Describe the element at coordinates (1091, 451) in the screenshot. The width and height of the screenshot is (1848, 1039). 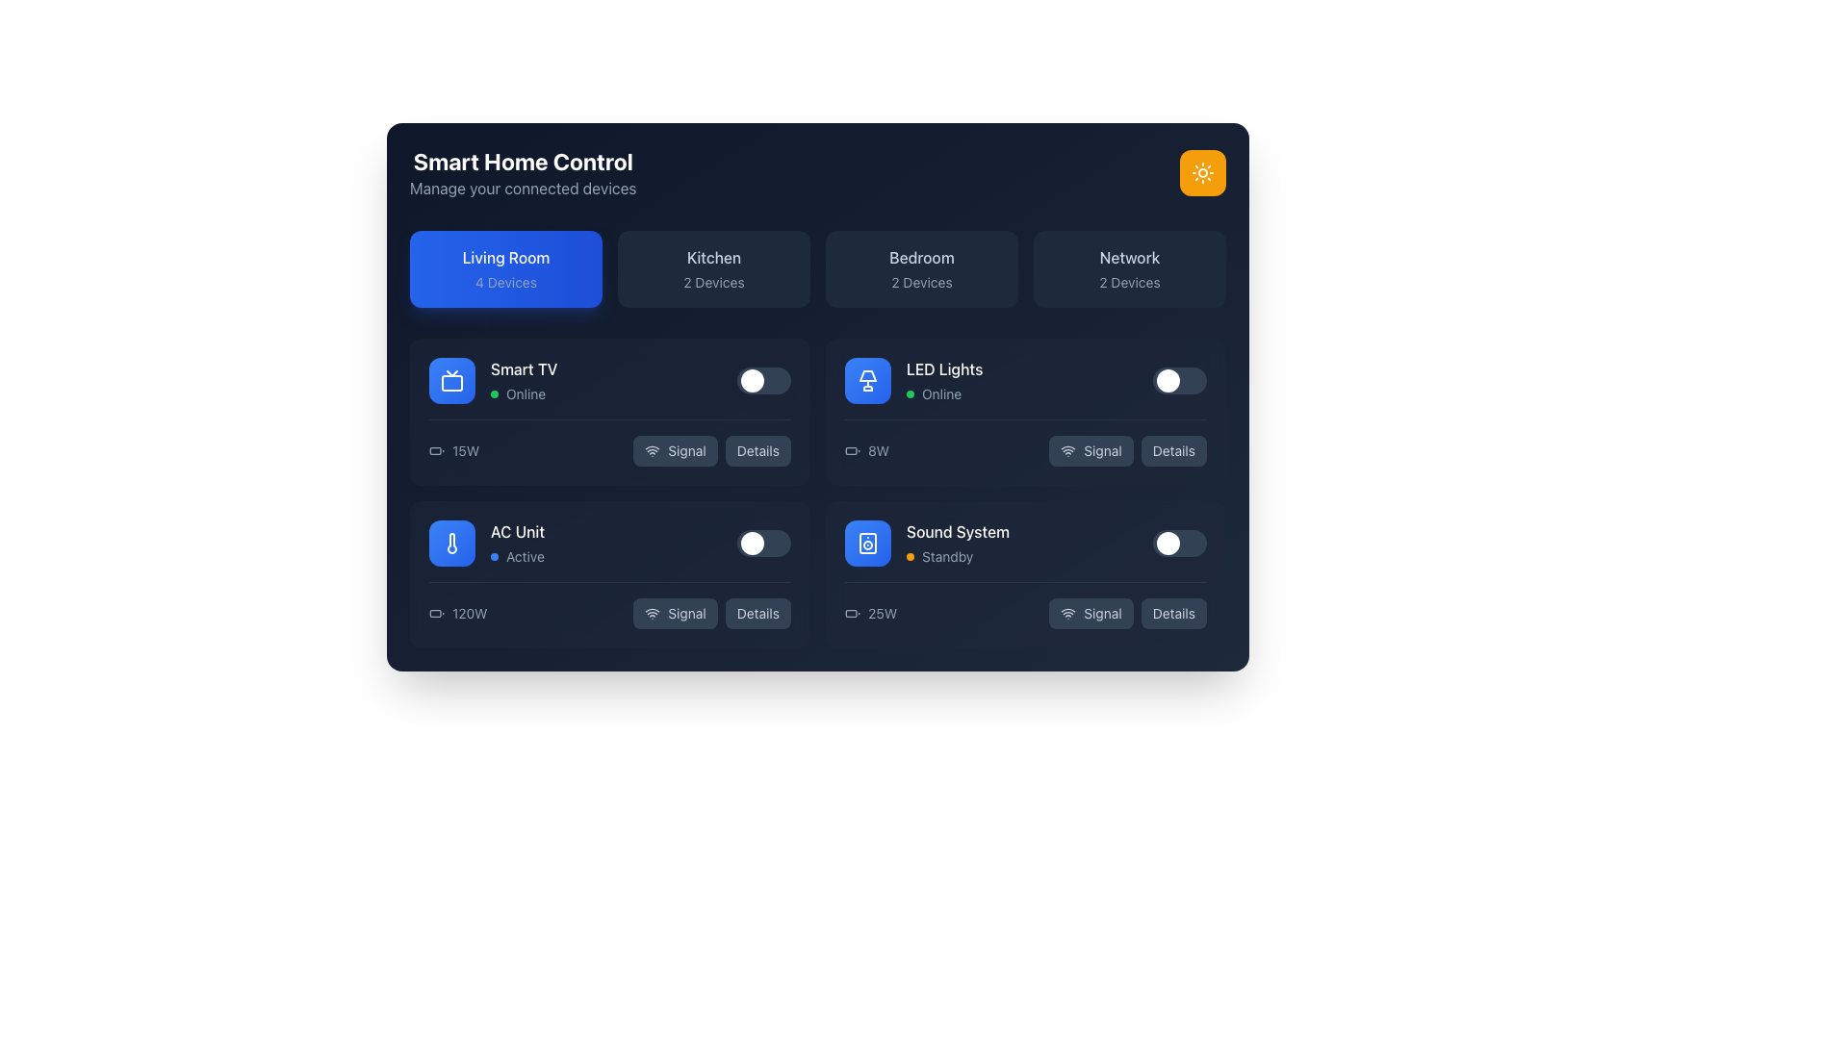
I see `the 'Signal' button` at that location.